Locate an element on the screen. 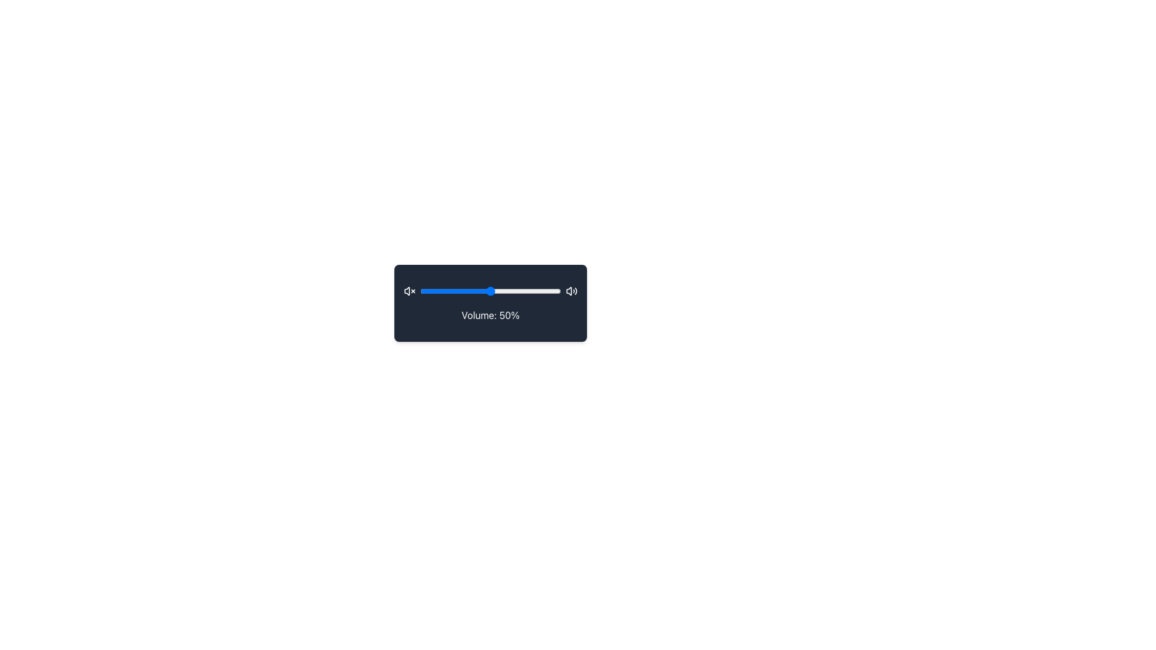 Image resolution: width=1156 pixels, height=650 pixels. the volume is located at coordinates (499, 291).